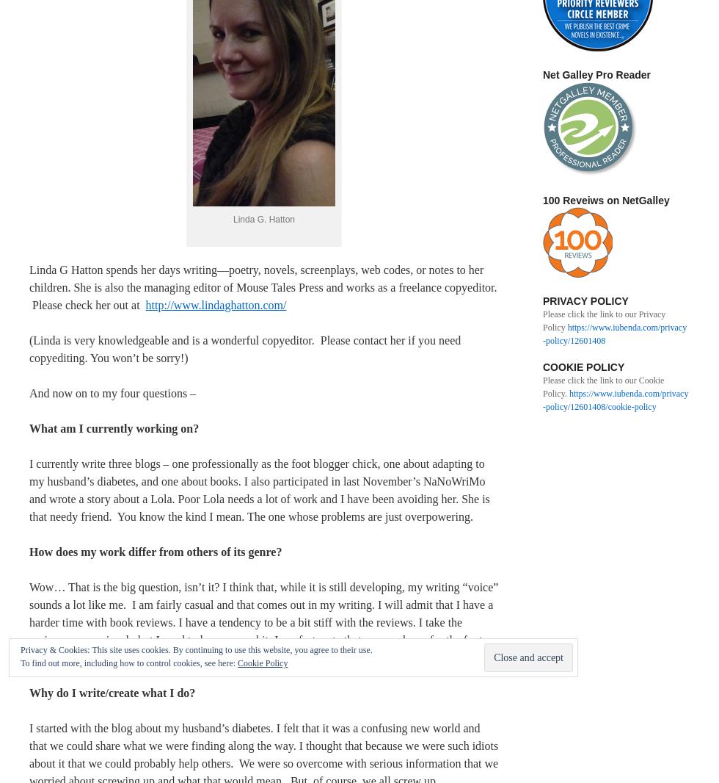 Image resolution: width=719 pixels, height=783 pixels. Describe the element at coordinates (114, 427) in the screenshot. I see `'What am I currently working on?'` at that location.